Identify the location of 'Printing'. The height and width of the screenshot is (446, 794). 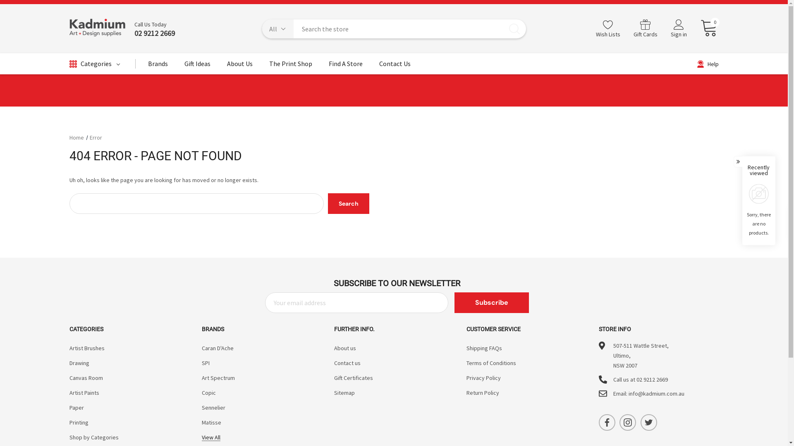
(69, 422).